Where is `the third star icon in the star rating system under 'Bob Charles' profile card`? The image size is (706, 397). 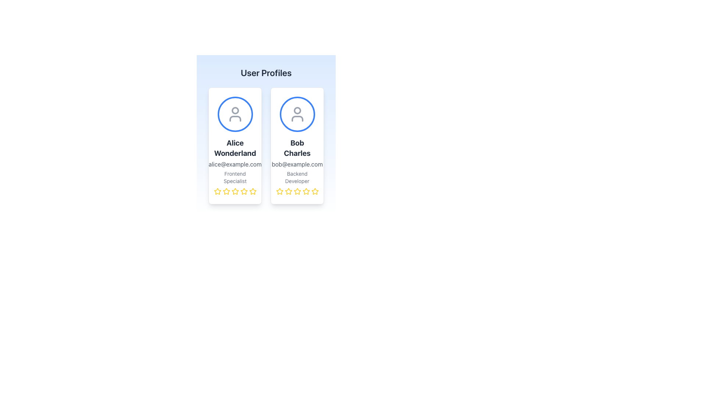
the third star icon in the star rating system under 'Bob Charles' profile card is located at coordinates (288, 191).